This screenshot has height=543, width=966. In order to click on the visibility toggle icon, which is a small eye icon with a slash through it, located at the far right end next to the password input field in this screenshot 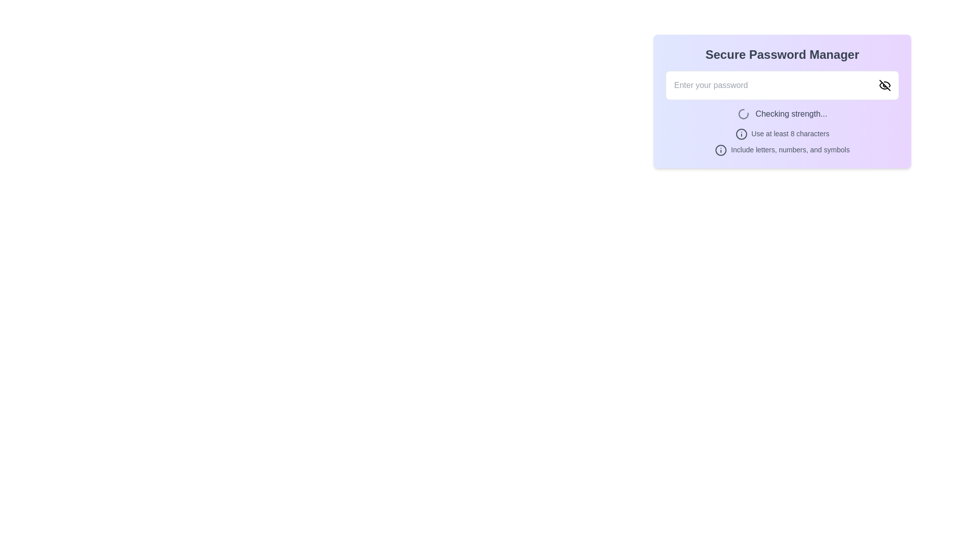, I will do `click(884, 84)`.